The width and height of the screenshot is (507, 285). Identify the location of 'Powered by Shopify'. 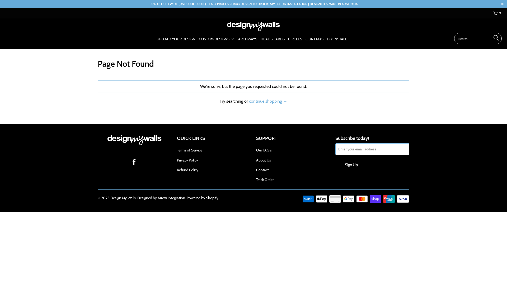
(202, 198).